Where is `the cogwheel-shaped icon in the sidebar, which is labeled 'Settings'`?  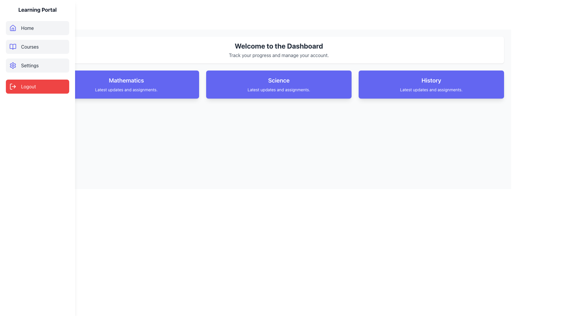 the cogwheel-shaped icon in the sidebar, which is labeled 'Settings' is located at coordinates (13, 65).